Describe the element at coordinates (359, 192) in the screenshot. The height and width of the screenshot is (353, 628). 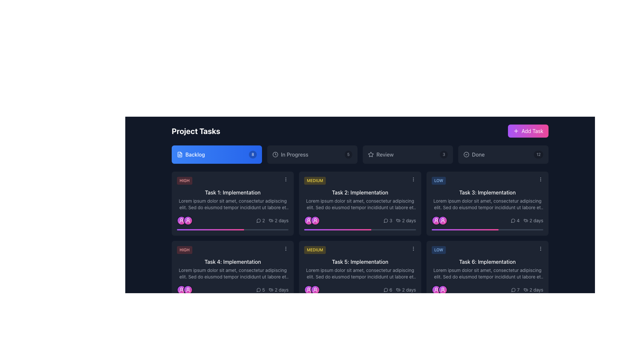
I see `text content of the text label displaying 'Task 2: Implementation', which is styled with a white font on a dark background, located under the 'MEDIUM' yellow badge on the task card in the second position of the first row in the 'Backlog' section` at that location.